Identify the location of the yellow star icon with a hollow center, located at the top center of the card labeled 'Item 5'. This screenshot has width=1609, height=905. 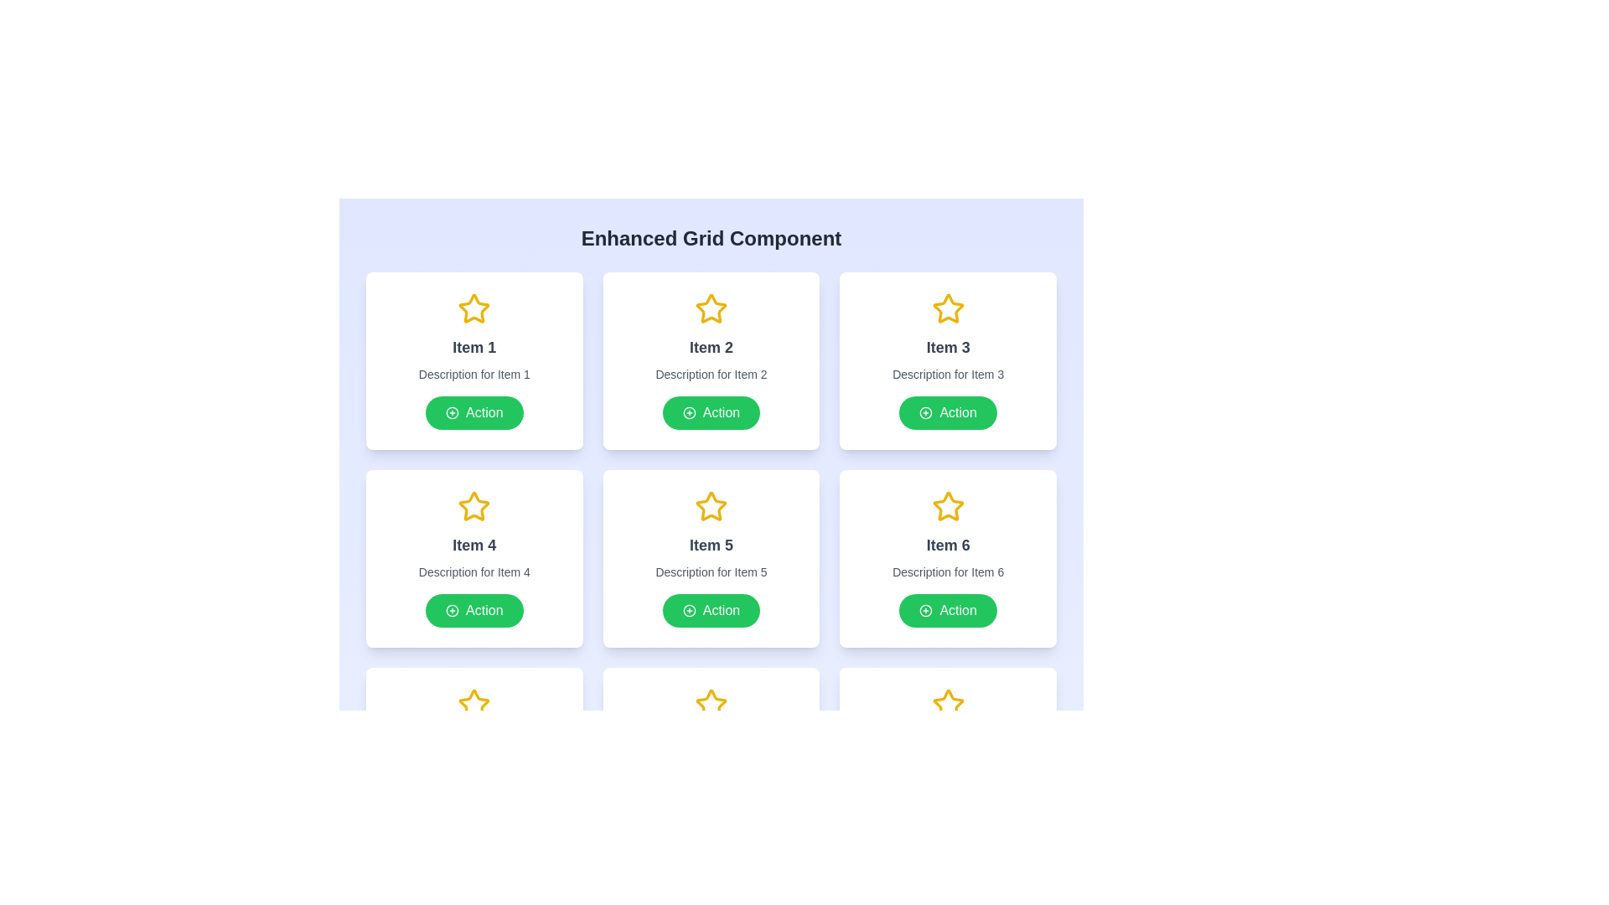
(711, 506).